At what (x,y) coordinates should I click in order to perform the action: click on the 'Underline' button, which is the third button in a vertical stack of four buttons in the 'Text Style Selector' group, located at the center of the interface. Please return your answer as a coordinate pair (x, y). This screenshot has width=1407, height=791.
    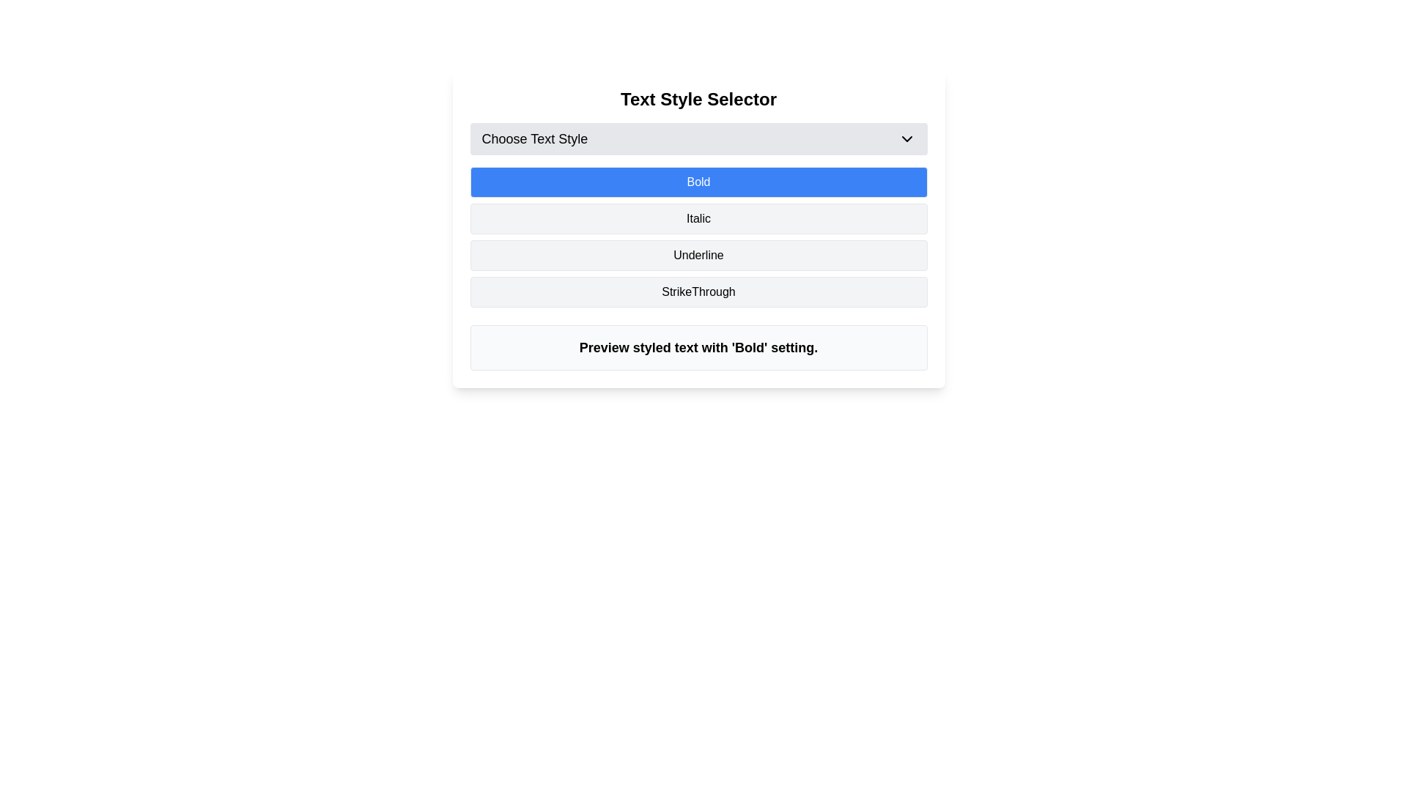
    Looking at the image, I should click on (698, 254).